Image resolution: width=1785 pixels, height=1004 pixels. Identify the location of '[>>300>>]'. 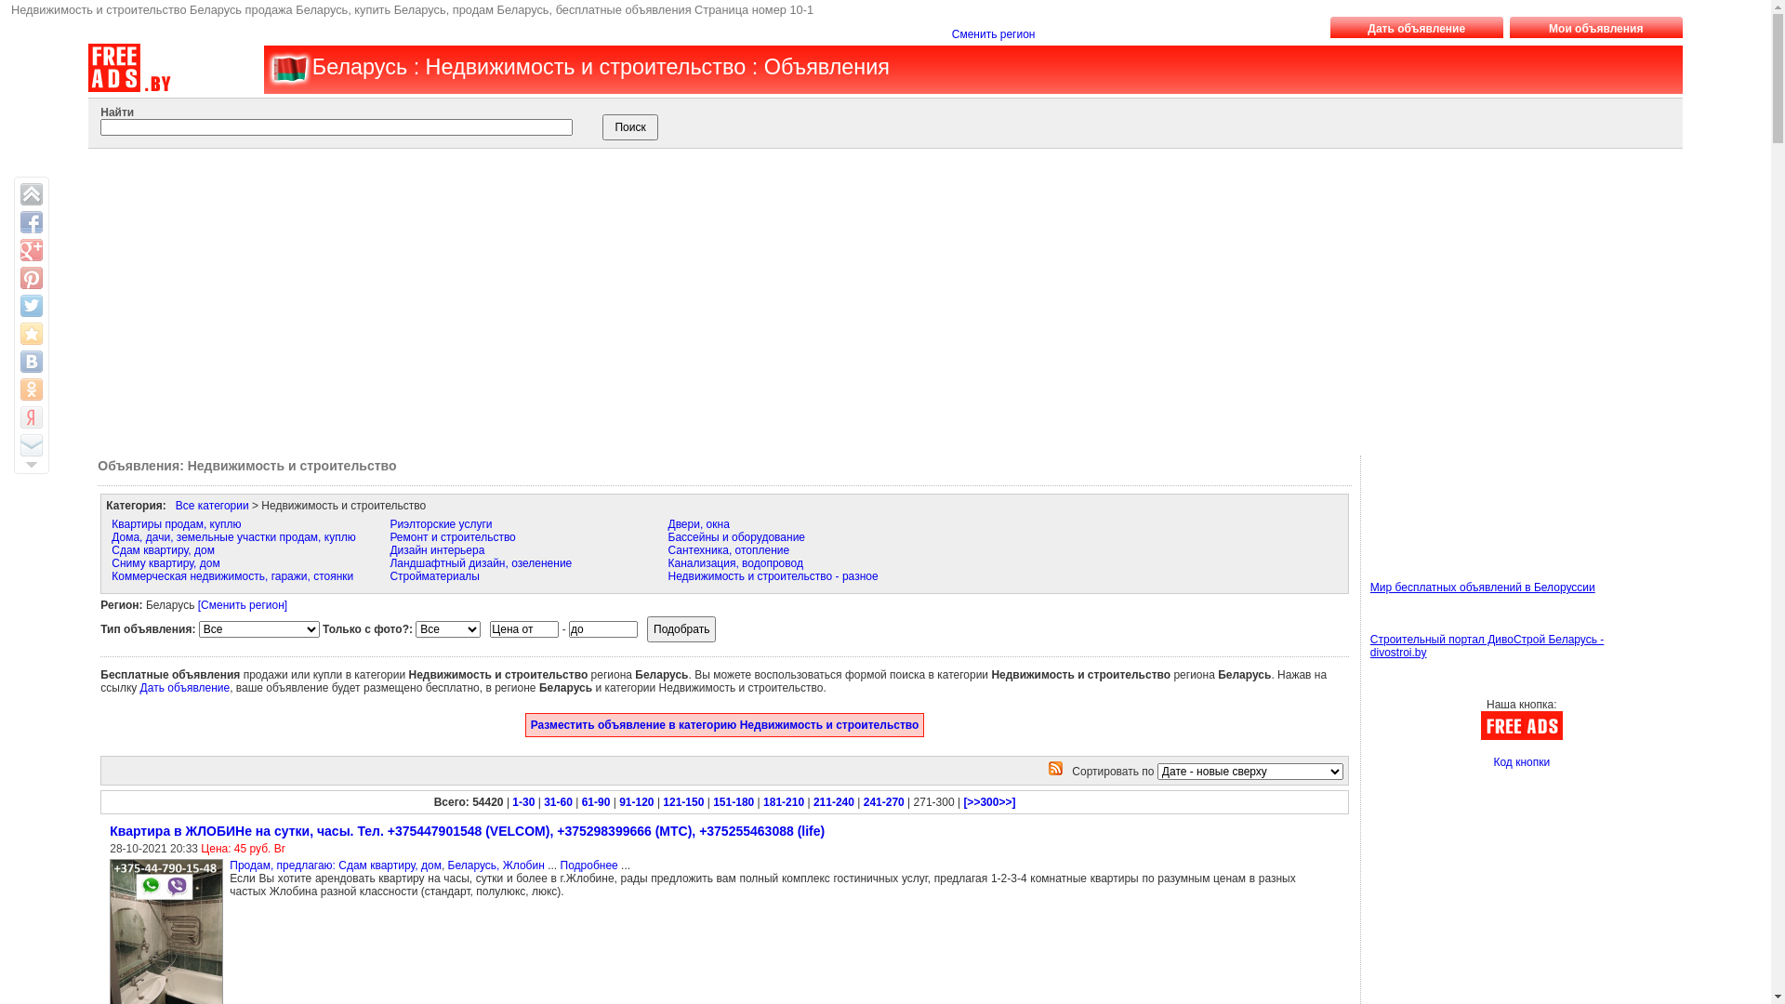
(963, 801).